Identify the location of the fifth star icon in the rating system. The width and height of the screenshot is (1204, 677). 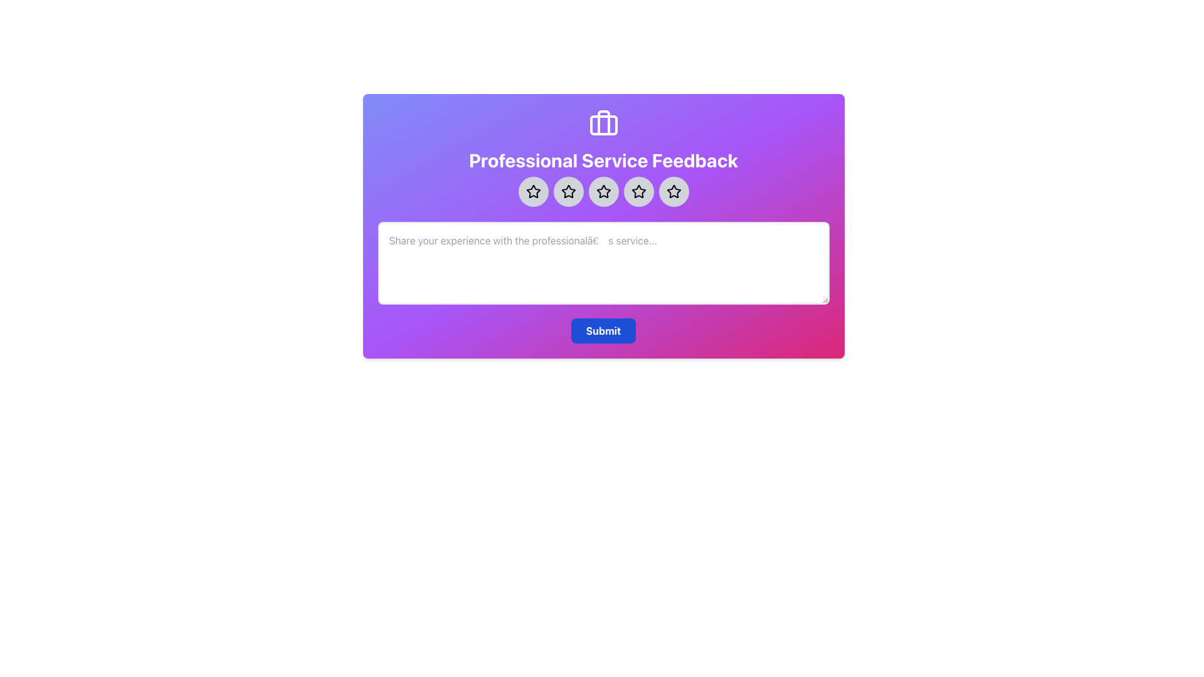
(673, 191).